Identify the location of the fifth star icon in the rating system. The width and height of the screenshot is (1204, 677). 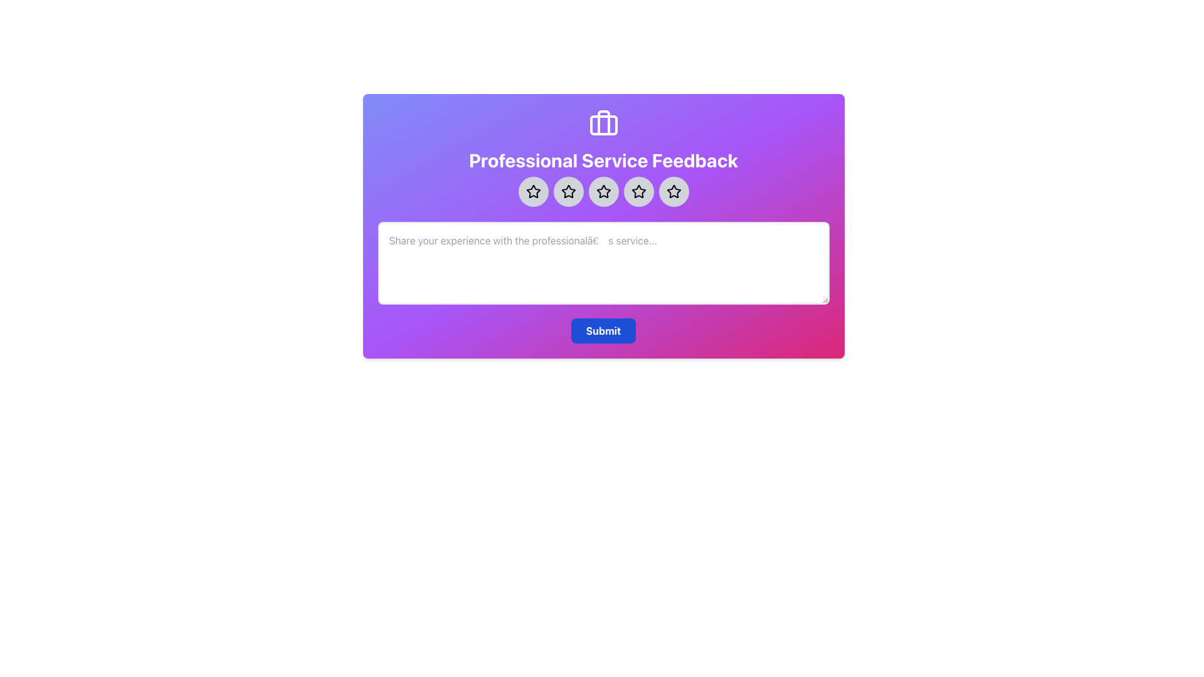
(673, 191).